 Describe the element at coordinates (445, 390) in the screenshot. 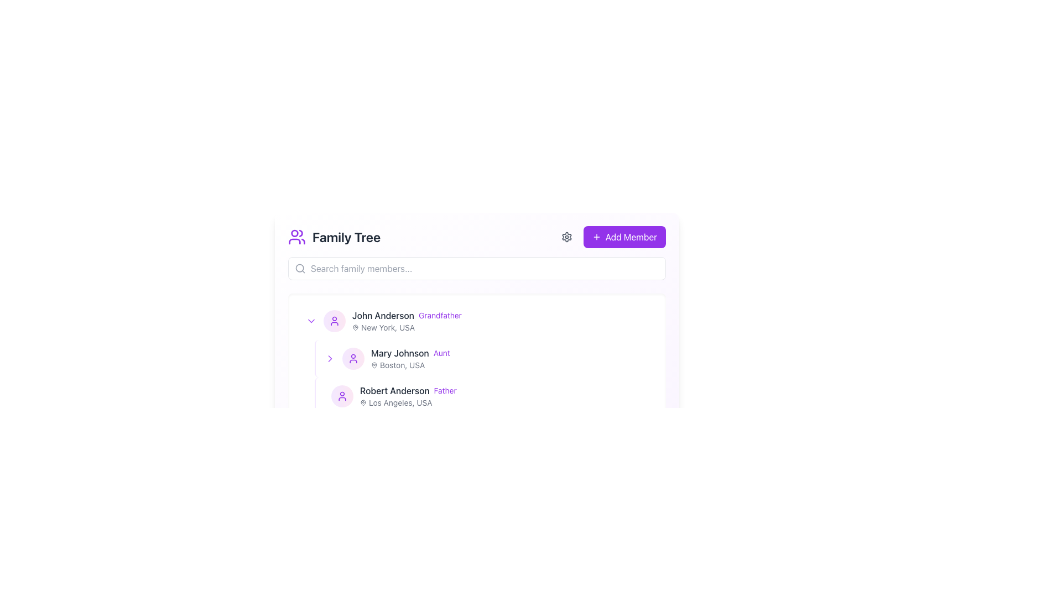

I see `the Text Label denoting the familial relationship of 'Robert Anderson' in the family tree, positioned on the right-hand side of his entry` at that location.